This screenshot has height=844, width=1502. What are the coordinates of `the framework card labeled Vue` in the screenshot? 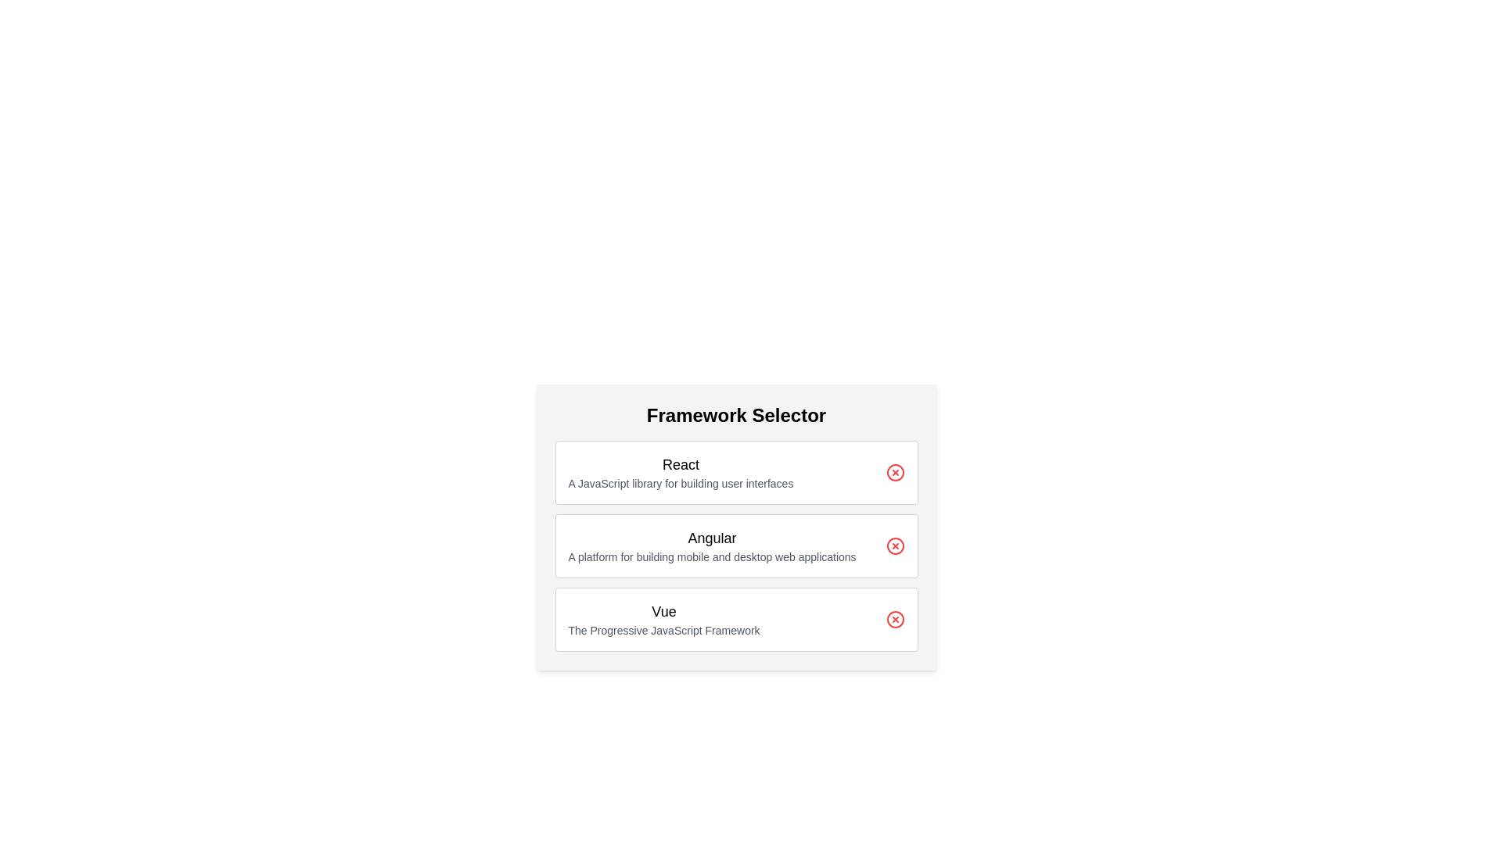 It's located at (735, 619).